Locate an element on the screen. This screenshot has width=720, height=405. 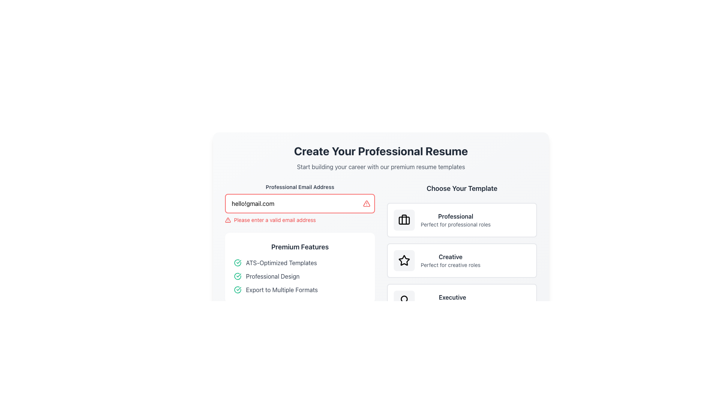
the circular green checkmark icon located to the left of the text 'Professional Design' in the 'Premium Features' list is located at coordinates (237, 276).